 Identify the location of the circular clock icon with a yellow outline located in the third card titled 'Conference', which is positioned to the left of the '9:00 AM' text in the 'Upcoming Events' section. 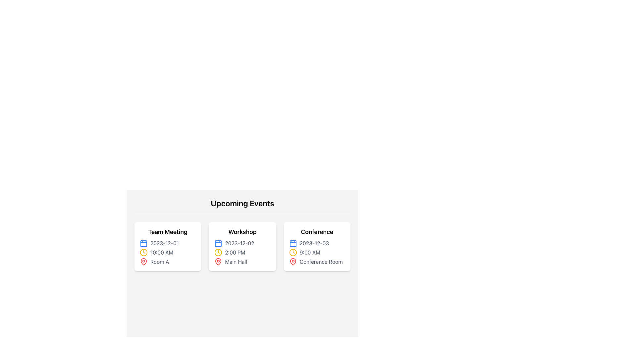
(292, 252).